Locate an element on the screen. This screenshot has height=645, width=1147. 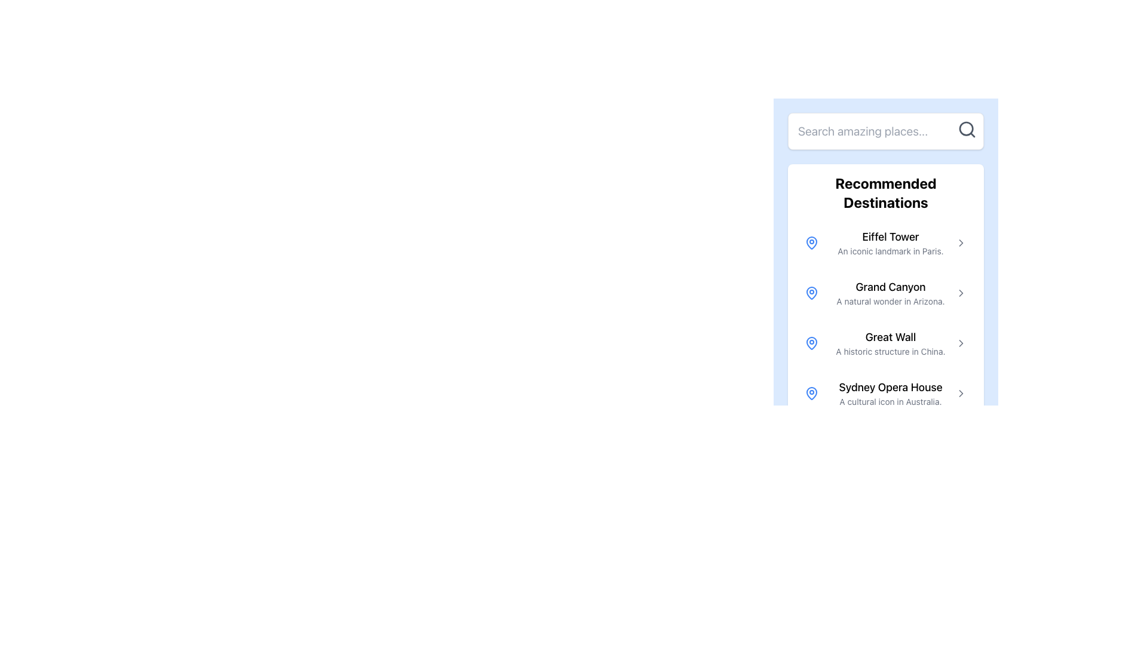
text content of the 'Eiffel Tower' display, which includes the bold title and the description located in the recommended destinations list is located at coordinates (891, 242).